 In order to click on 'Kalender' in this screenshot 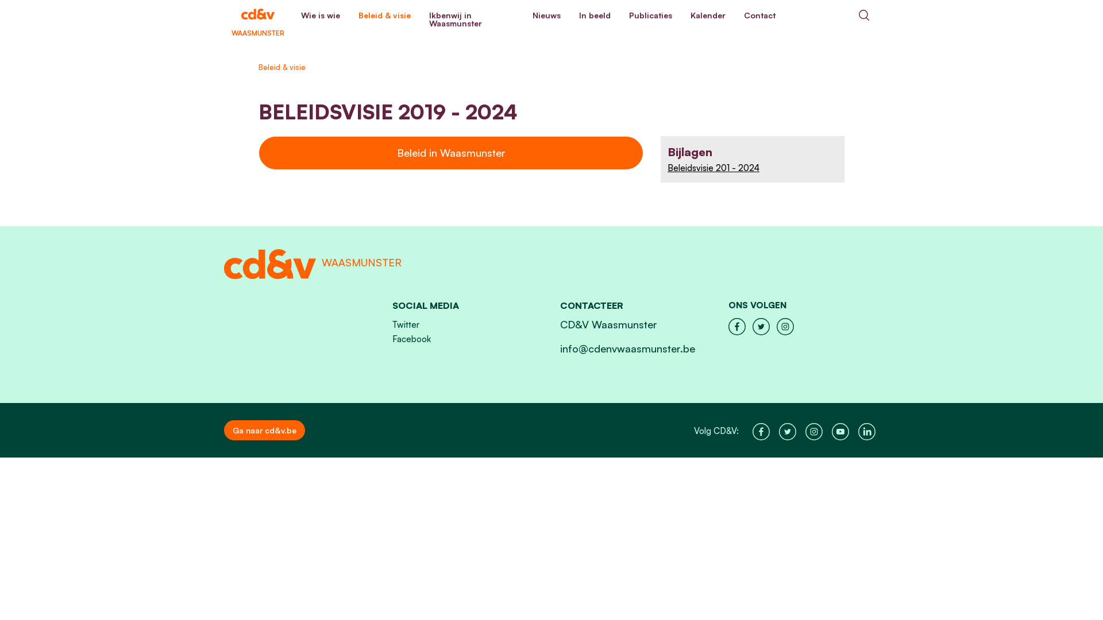, I will do `click(707, 15)`.